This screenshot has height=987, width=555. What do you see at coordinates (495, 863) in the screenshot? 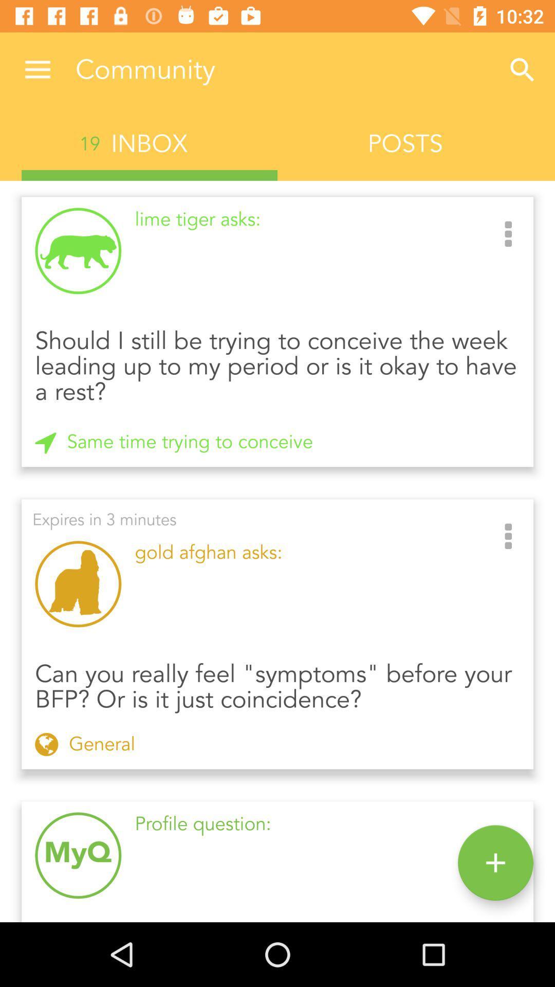
I see `the item at the bottom right corner` at bounding box center [495, 863].